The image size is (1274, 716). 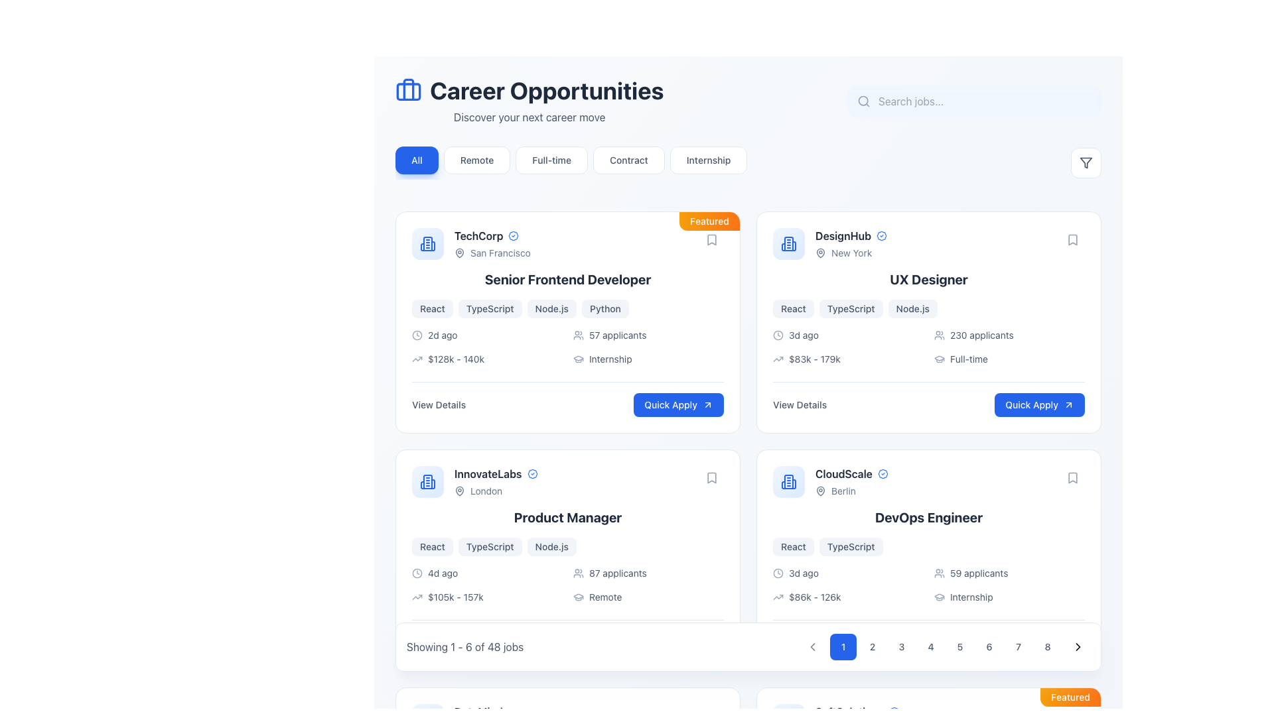 What do you see at coordinates (551, 547) in the screenshot?
I see `the 'Node.js' tag, which is a rounded rectangular tag with a light gray background and dark gray text, positioned between the 'TypeScript' tag and subsequent content` at bounding box center [551, 547].